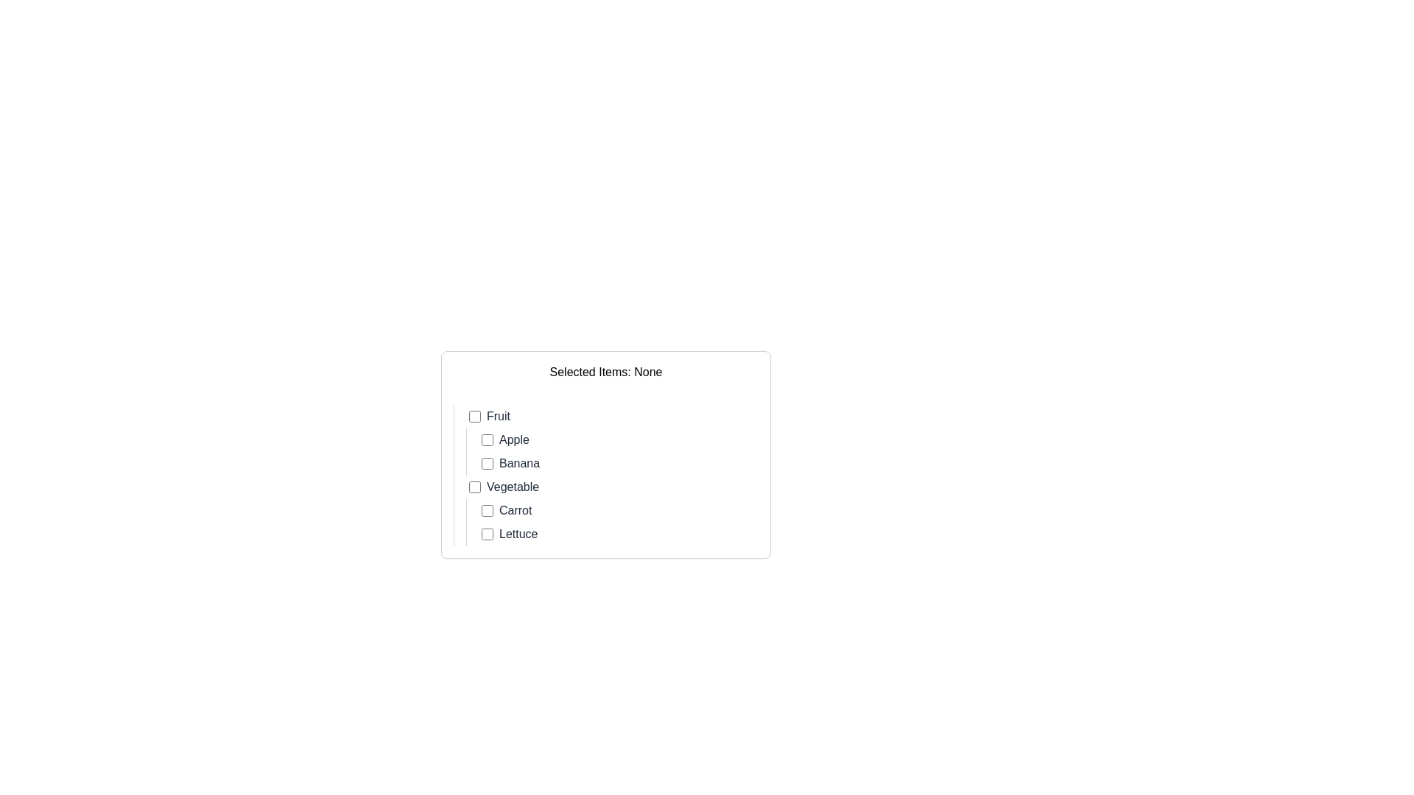 The image size is (1414, 795). Describe the element at coordinates (514, 439) in the screenshot. I see `the text label 'Apple' styled in gray font, located beside a checkbox under the 'Fruit' category` at that location.